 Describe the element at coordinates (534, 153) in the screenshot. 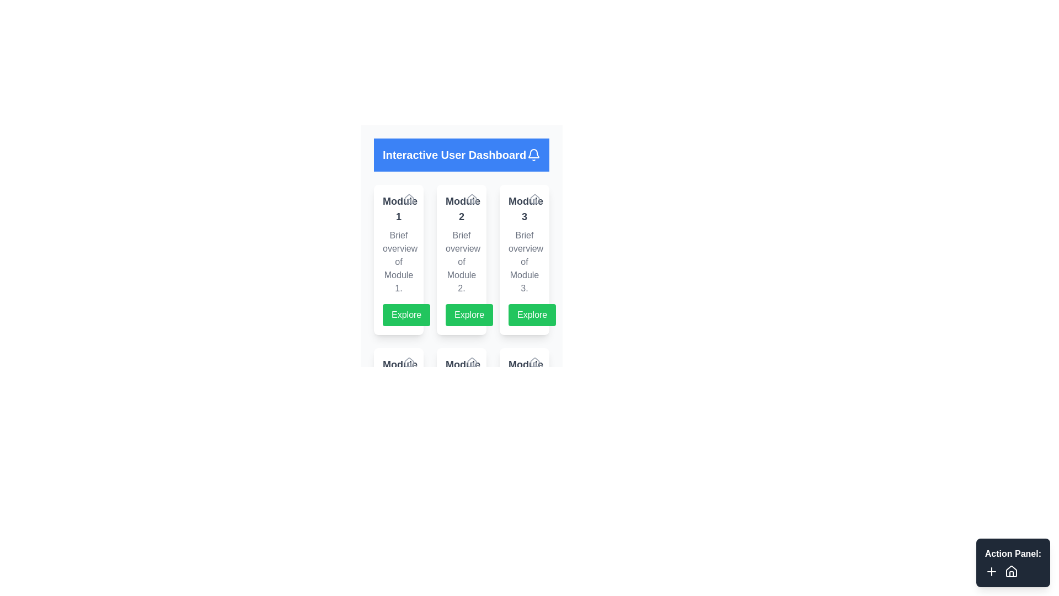

I see `the notification icon located at the top-right of the interface, next to the 'Interactive User Dashboard' title with a blue background, which serves as a visual indicator for alerts` at that location.